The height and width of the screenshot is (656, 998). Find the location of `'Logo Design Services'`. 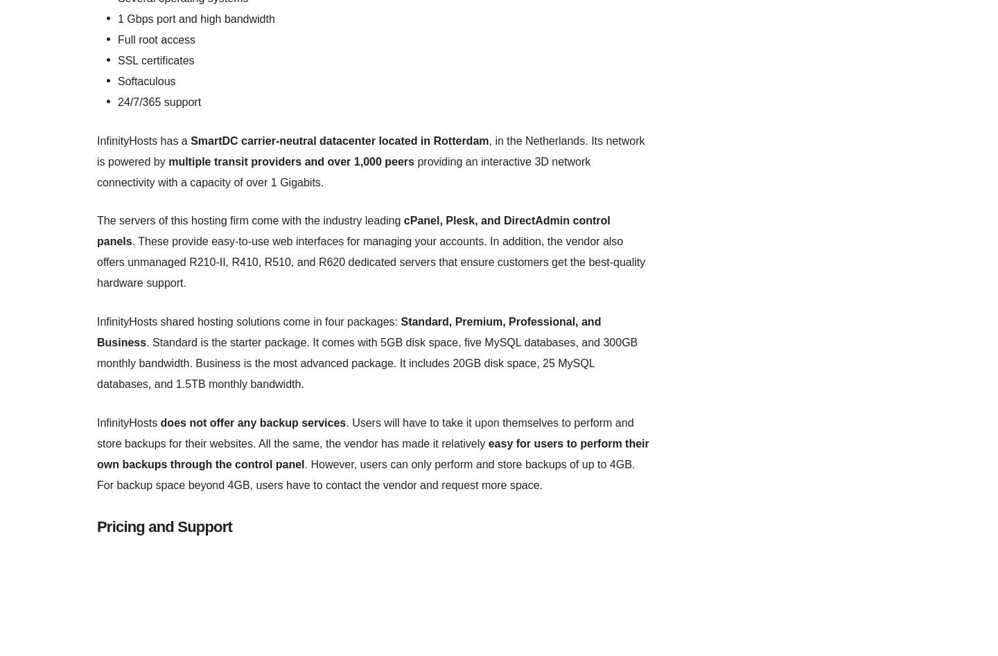

'Logo Design Services' is located at coordinates (140, 32).